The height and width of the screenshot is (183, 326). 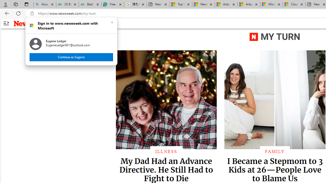 What do you see at coordinates (90, 4) in the screenshot?
I see `'Best SSL Certificates Provider in India - GeeksforGeeks'` at bounding box center [90, 4].